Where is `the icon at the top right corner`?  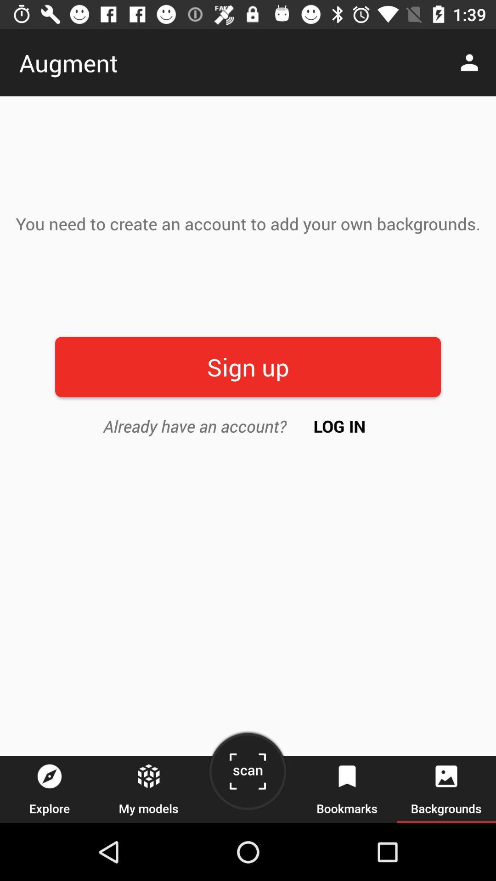
the icon at the top right corner is located at coordinates (472, 62).